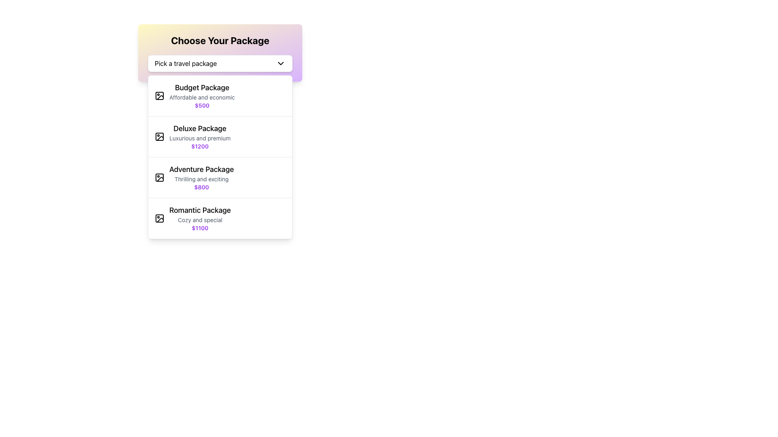 This screenshot has height=437, width=778. Describe the element at coordinates (220, 63) in the screenshot. I see `the 'Pick a travel package' dropdown menu` at that location.